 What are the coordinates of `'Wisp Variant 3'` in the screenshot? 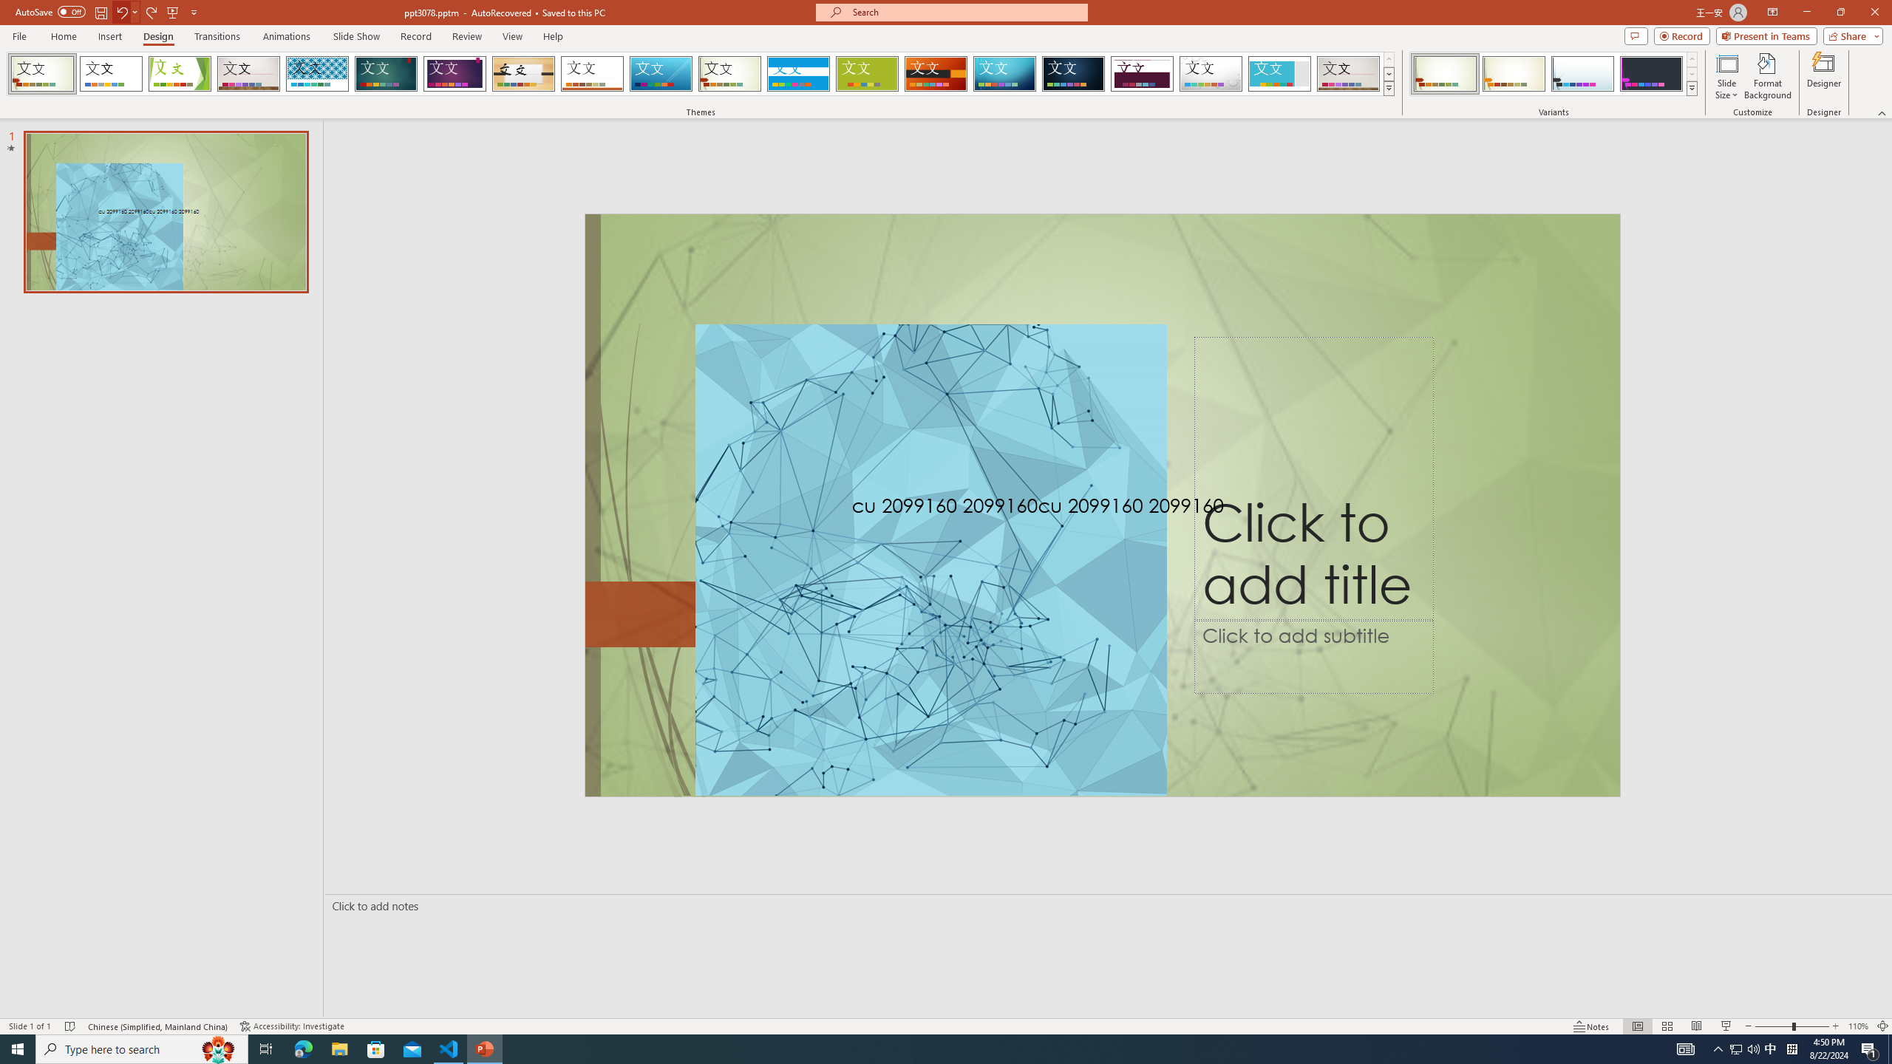 It's located at (1582, 73).